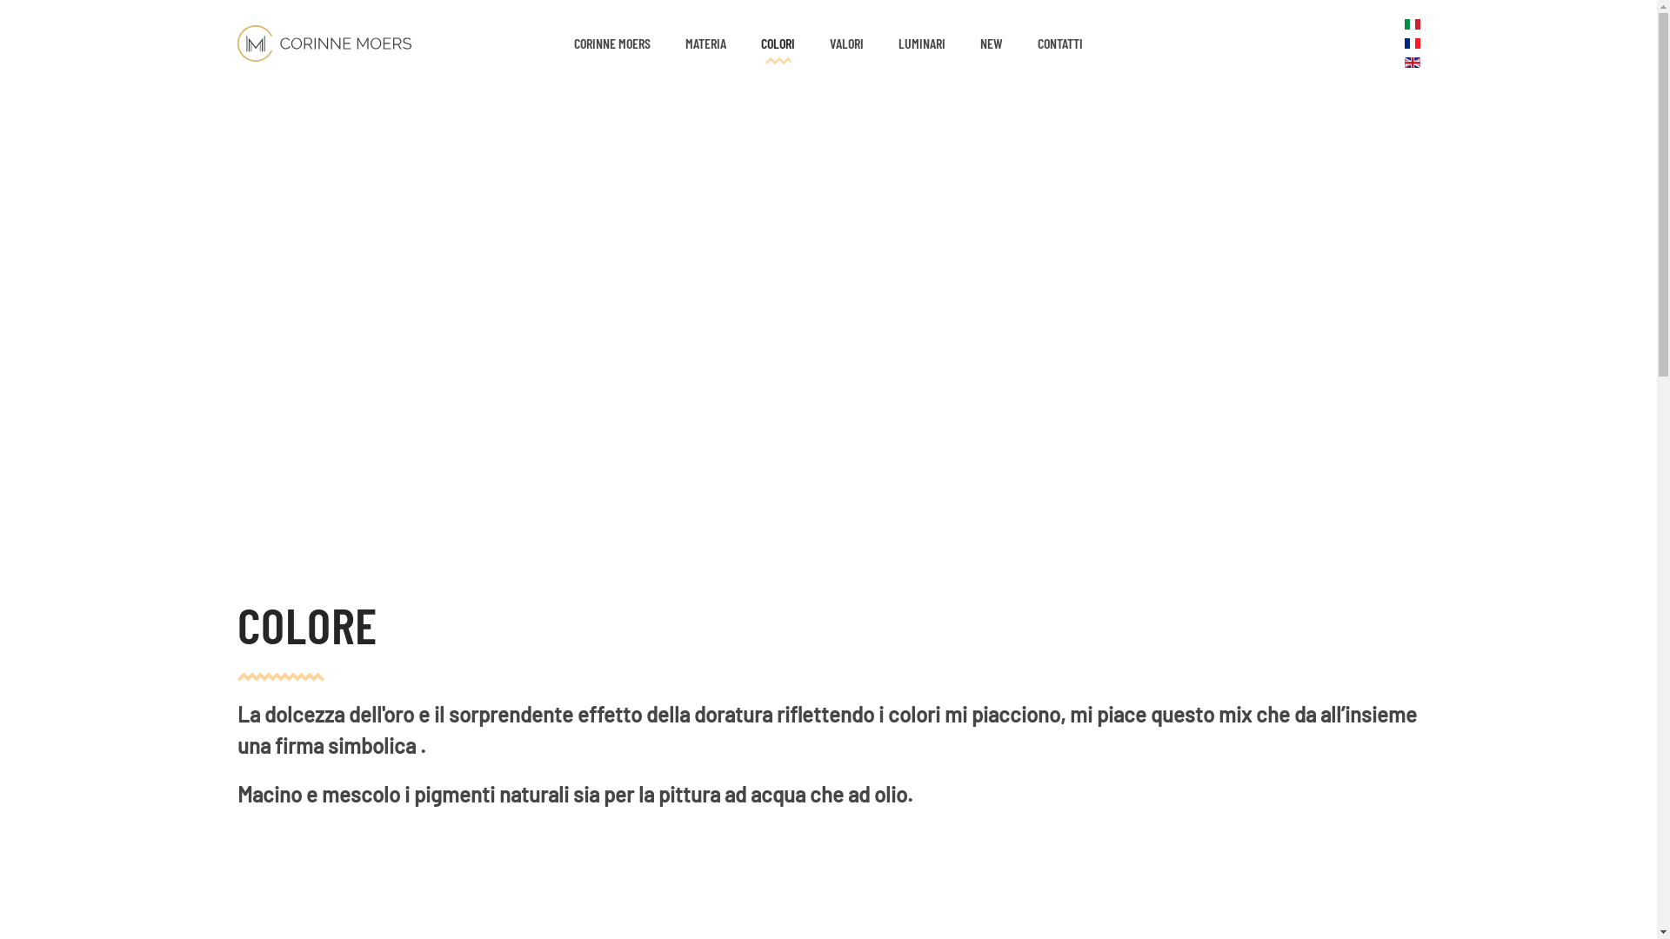  I want to click on 'NEW', so click(992, 43).